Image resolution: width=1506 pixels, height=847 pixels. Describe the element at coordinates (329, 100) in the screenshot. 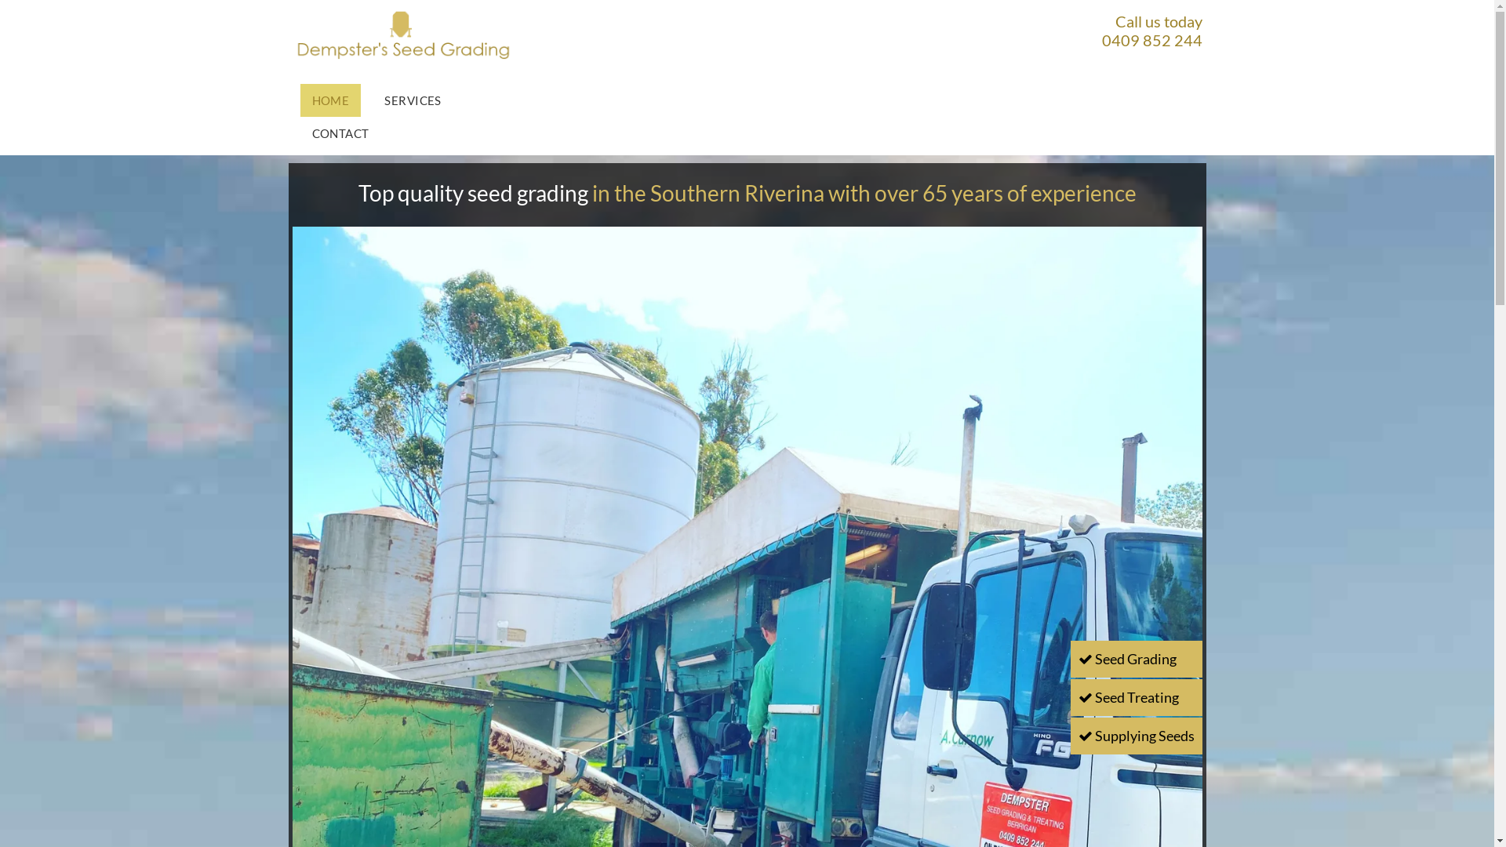

I see `'HOME'` at that location.